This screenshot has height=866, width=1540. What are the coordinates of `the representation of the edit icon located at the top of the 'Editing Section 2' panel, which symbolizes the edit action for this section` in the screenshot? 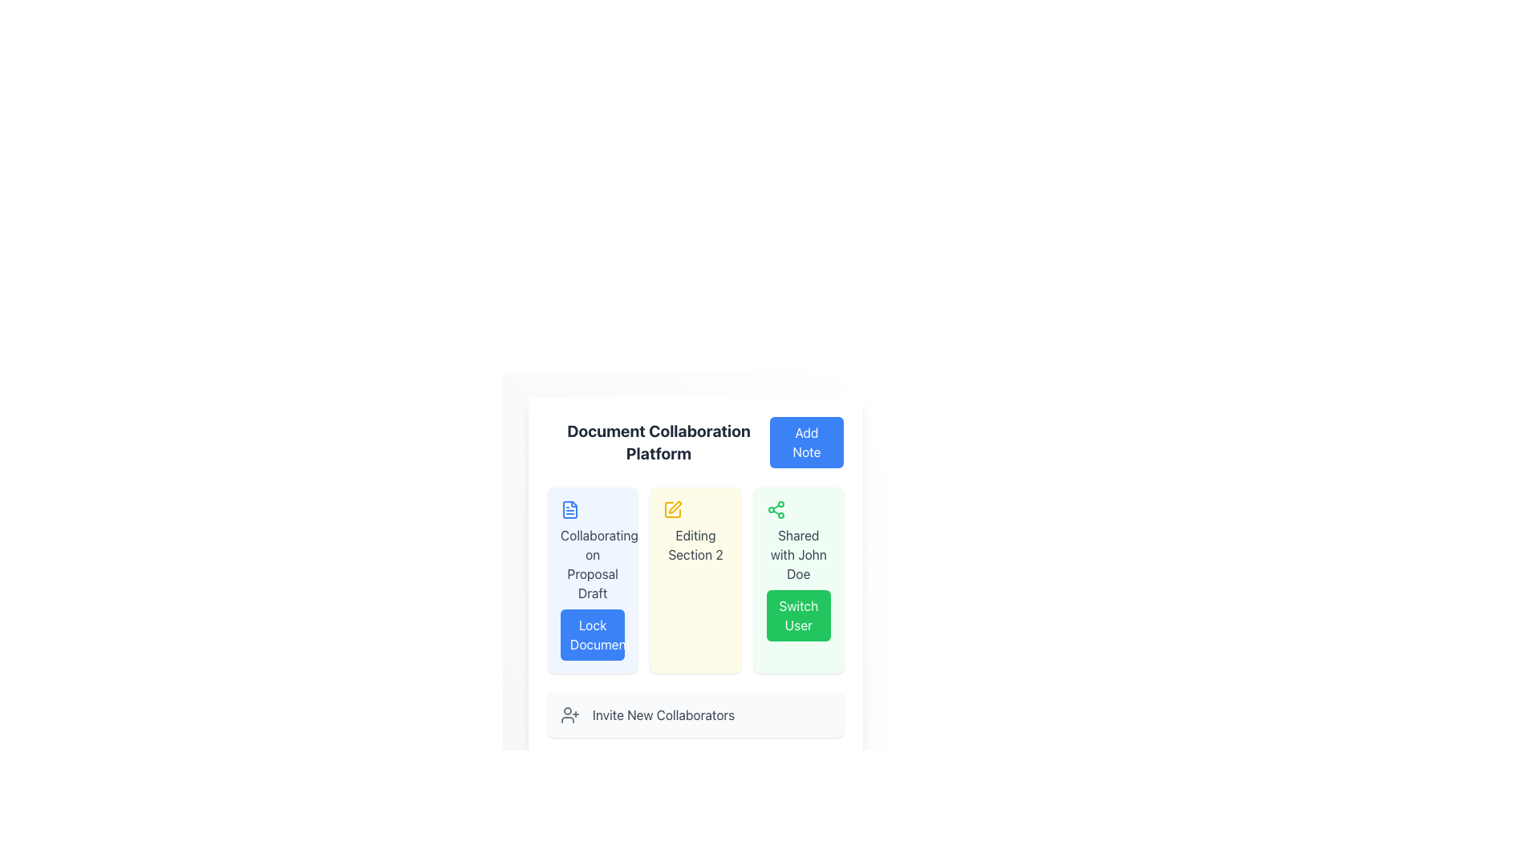 It's located at (673, 510).